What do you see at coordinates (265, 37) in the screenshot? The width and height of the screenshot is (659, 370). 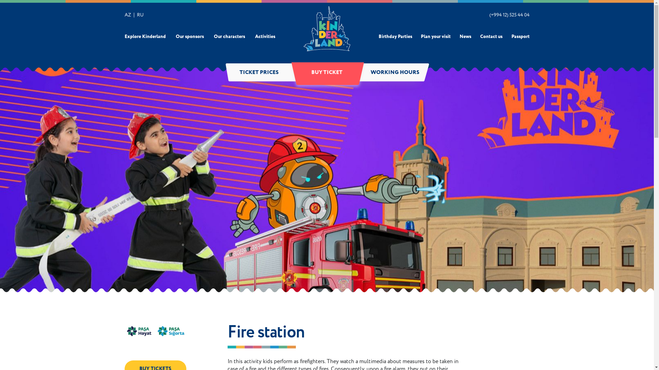 I see `'Activities'` at bounding box center [265, 37].